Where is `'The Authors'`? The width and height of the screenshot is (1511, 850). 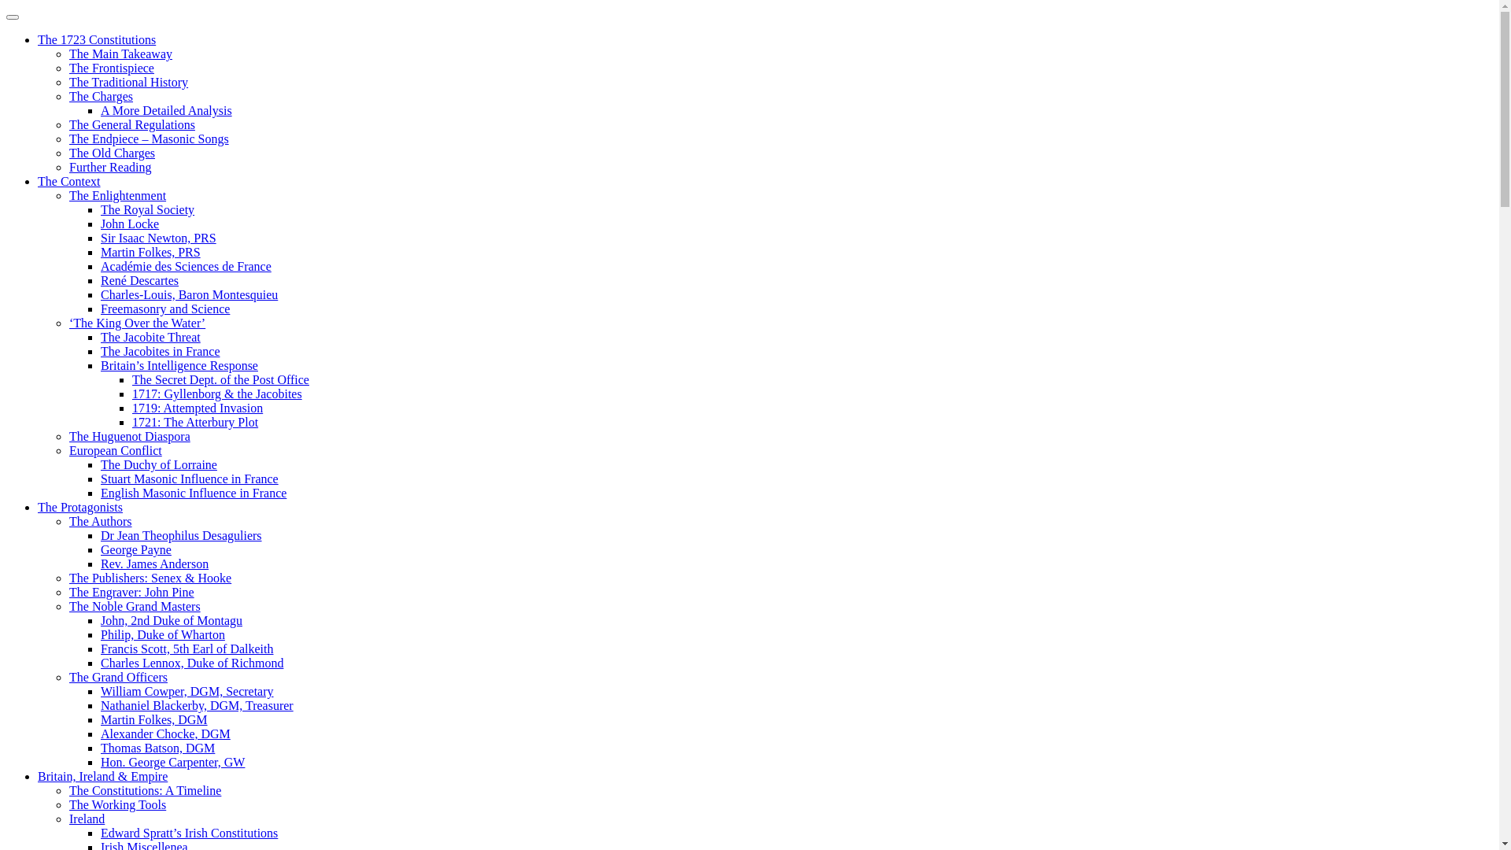 'The Authors' is located at coordinates (100, 521).